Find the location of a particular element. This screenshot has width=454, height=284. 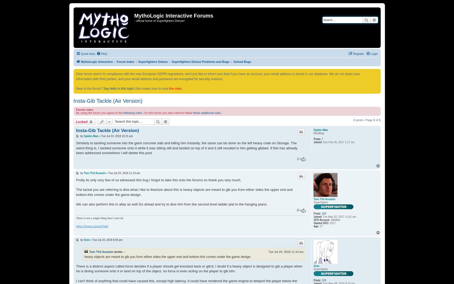

'Tue Jul 24, 2018 6:04 pm' is located at coordinates (107, 240).